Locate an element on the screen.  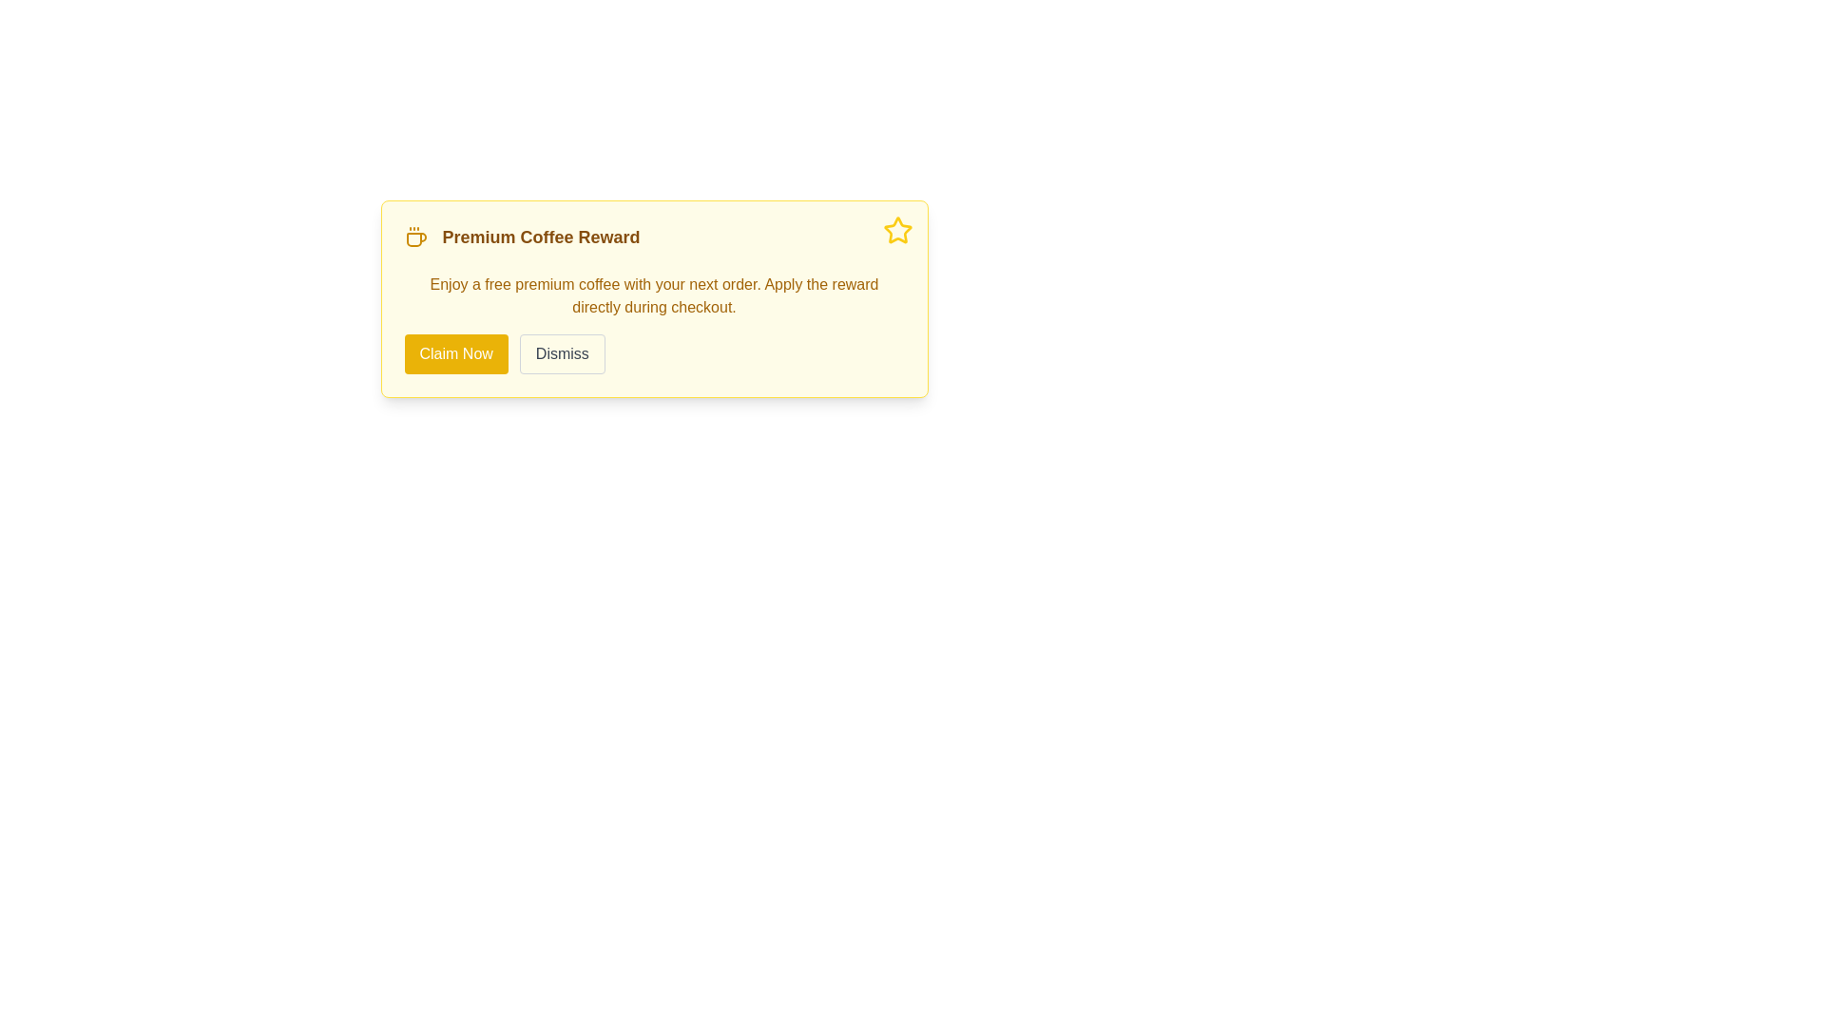
the 'Dismiss' button located directly to the right of the 'Claim Now' button is located at coordinates (561, 354).